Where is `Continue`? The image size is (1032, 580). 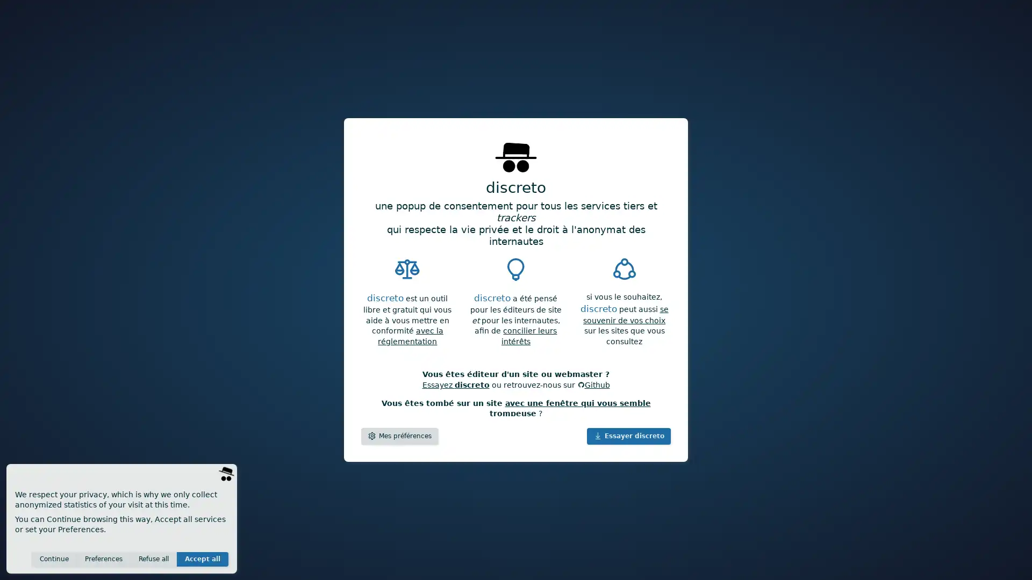
Continue is located at coordinates (53, 559).